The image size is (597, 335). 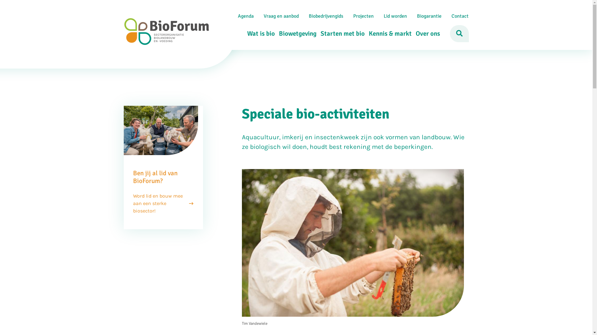 What do you see at coordinates (258, 16) in the screenshot?
I see `'Vraag en aanbod'` at bounding box center [258, 16].